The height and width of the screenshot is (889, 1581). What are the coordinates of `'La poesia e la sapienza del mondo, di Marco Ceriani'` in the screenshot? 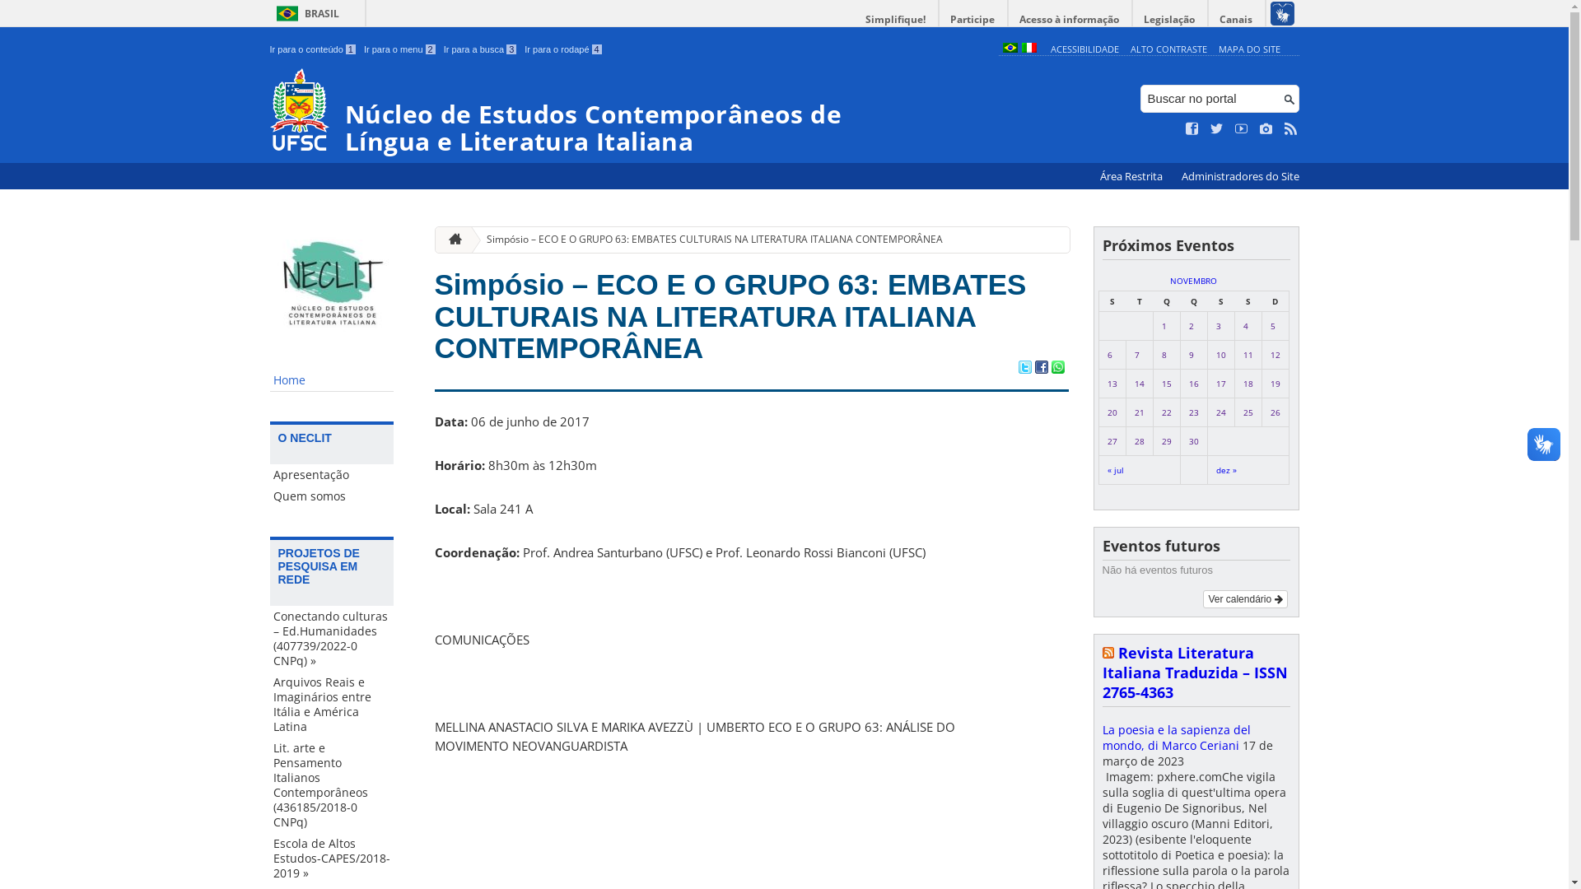 It's located at (1175, 736).